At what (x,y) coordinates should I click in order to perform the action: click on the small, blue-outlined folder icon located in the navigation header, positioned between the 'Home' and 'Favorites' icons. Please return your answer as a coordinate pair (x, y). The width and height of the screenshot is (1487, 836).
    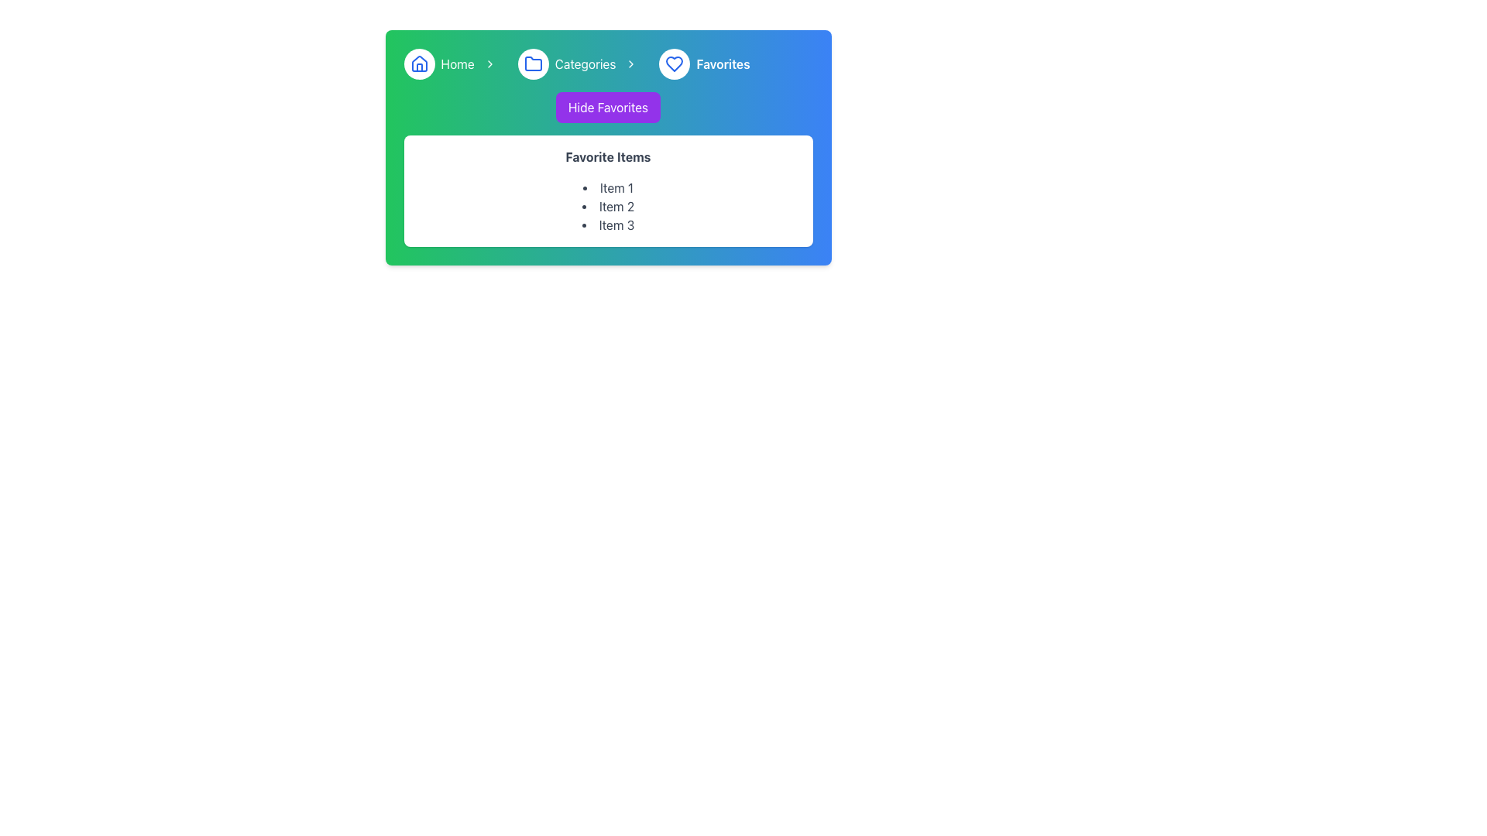
    Looking at the image, I should click on (533, 63).